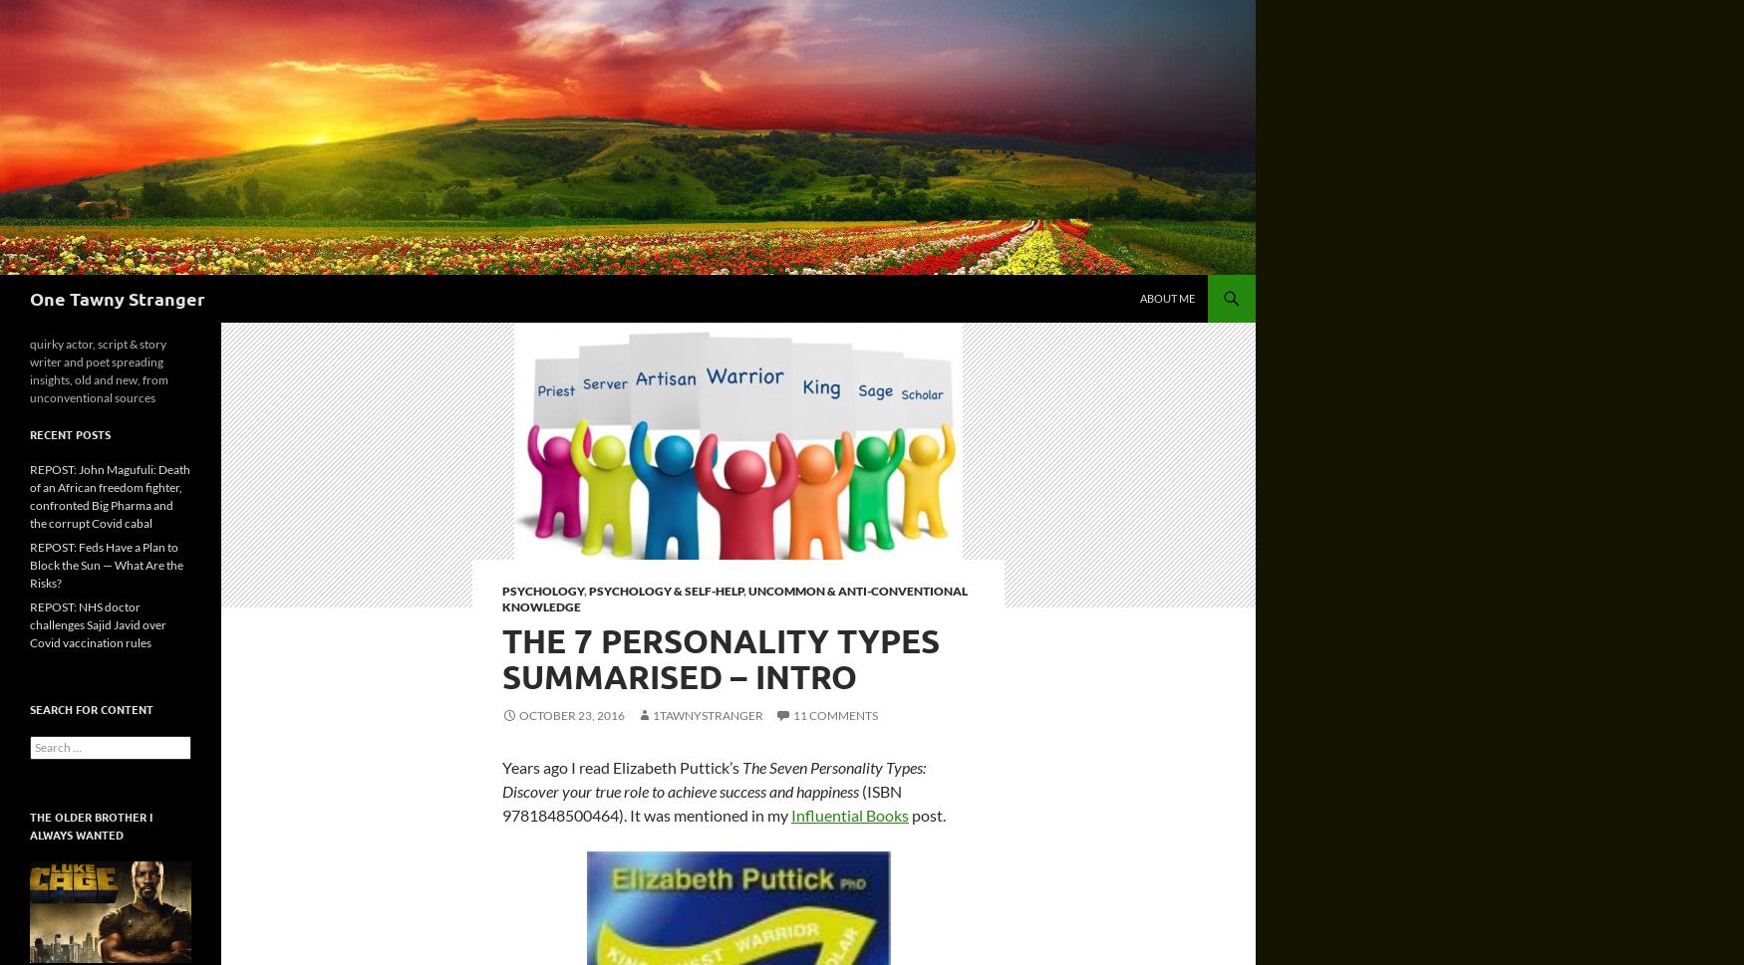 This screenshot has height=965, width=1744. I want to click on 'Years ago I read Elizabeth Puttick’s', so click(622, 766).